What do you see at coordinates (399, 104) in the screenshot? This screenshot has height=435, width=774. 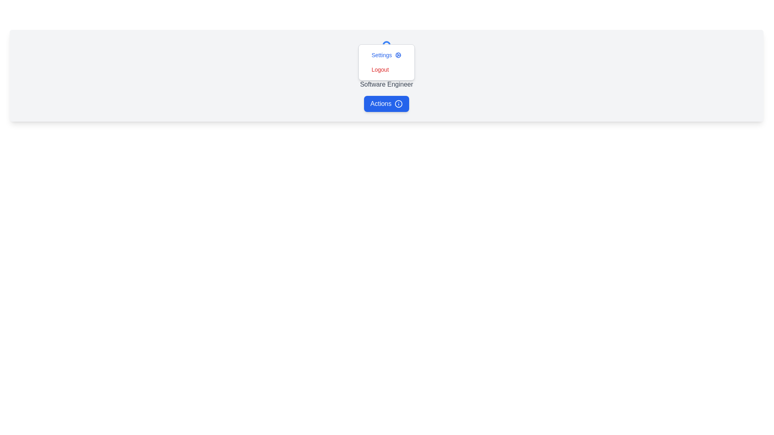 I see `the icon located inside the 'Actions' button at the bottom of the dropdown menu to interact with it` at bounding box center [399, 104].